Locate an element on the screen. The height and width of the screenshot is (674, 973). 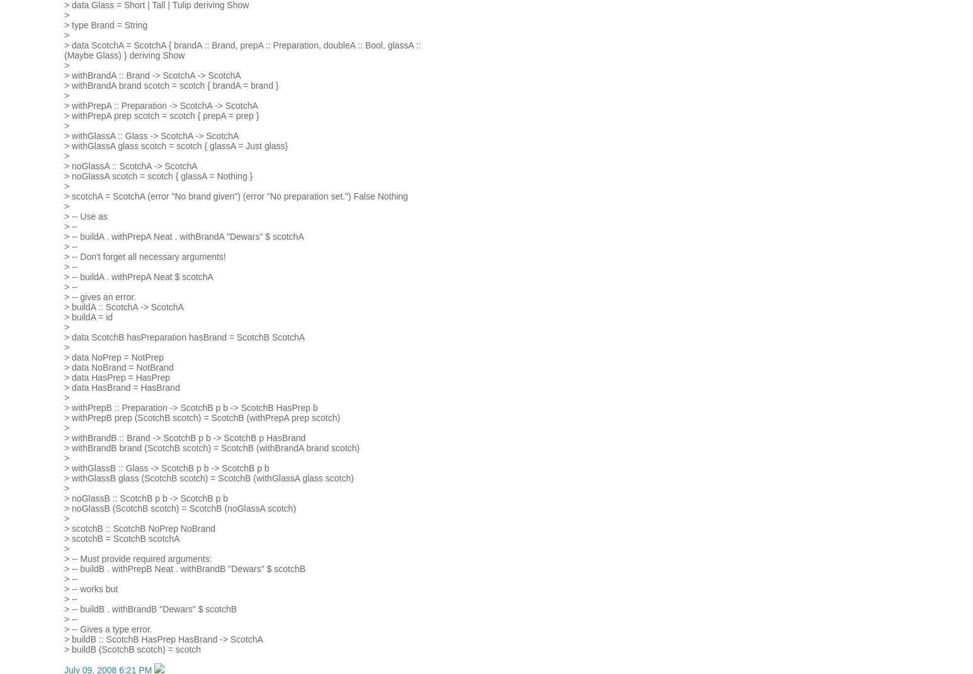
'> --  buildB . withBrandB "Dewars" $ scotchB' is located at coordinates (151, 608).